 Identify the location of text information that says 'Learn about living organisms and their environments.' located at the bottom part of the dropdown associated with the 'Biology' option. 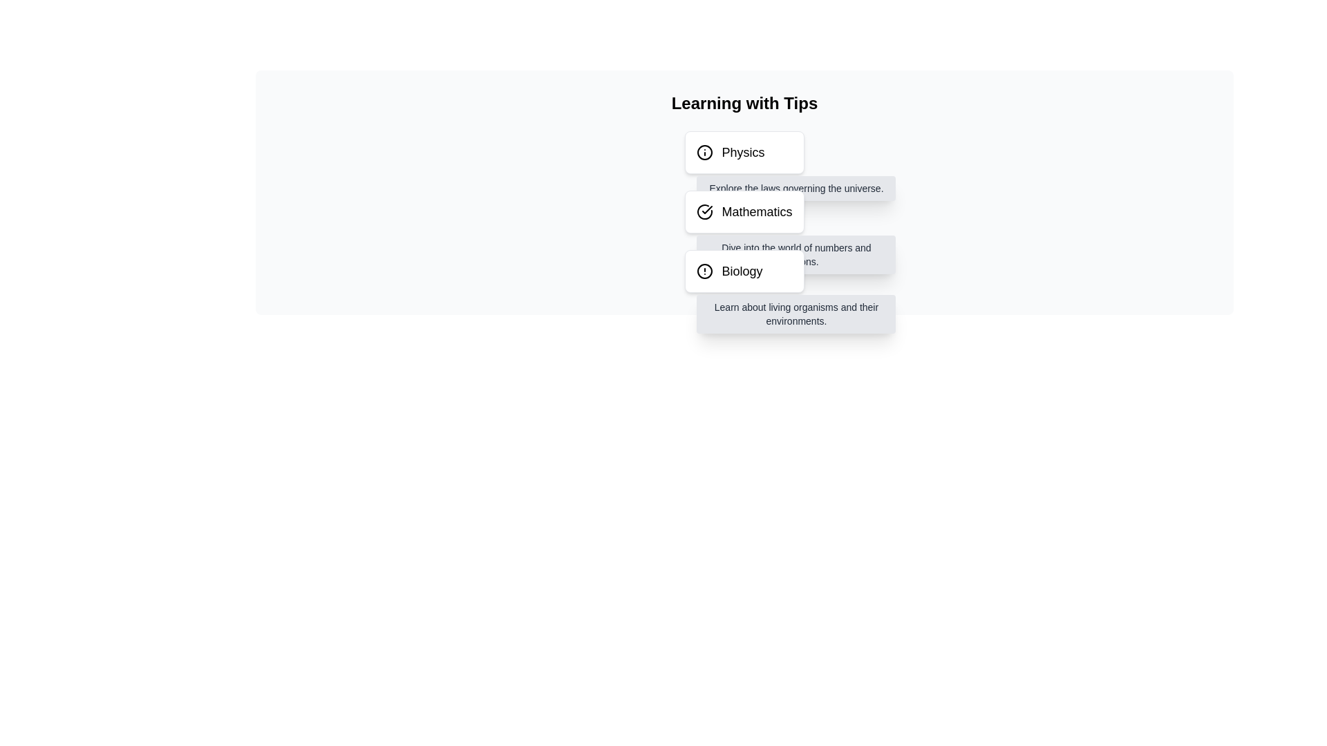
(796, 314).